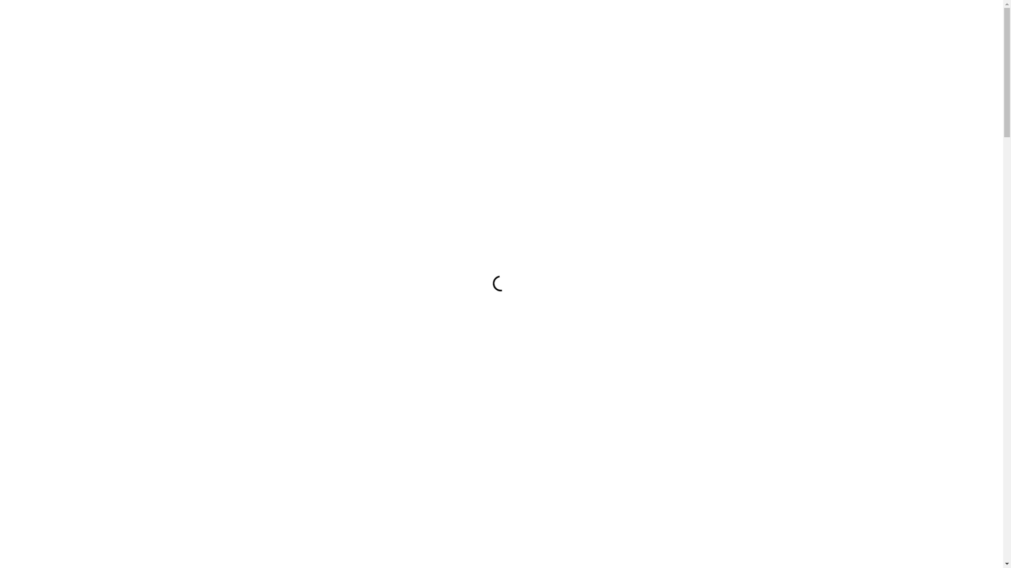 Image resolution: width=1011 pixels, height=568 pixels. I want to click on 'E-Mail Adresse', so click(421, 363).